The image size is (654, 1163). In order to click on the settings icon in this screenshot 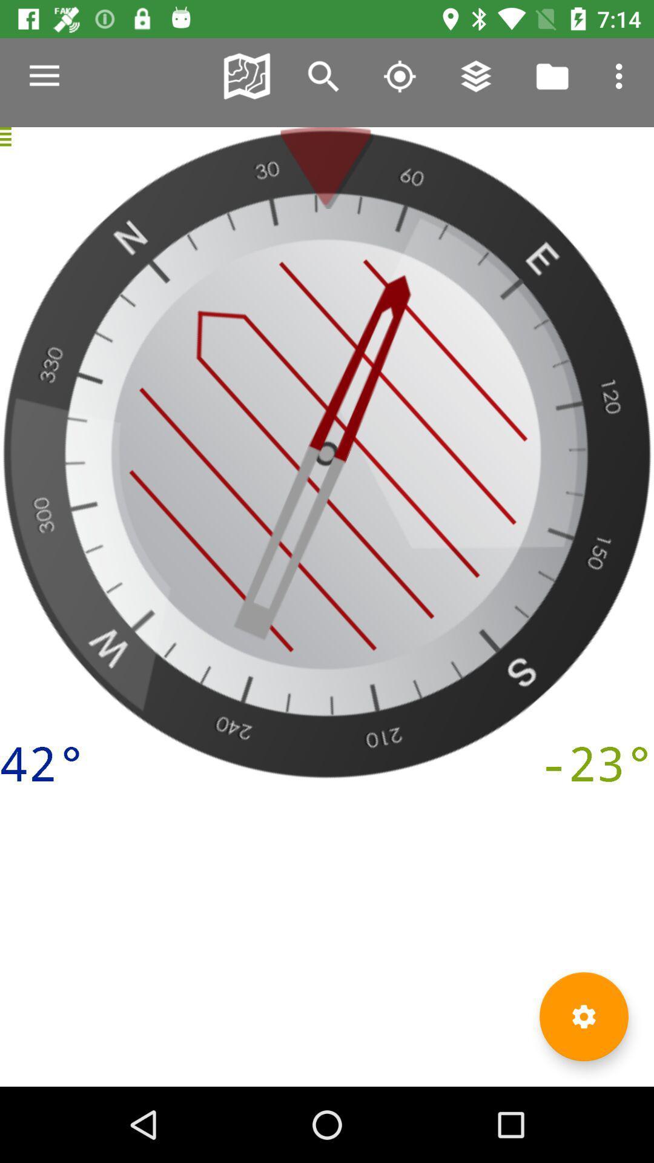, I will do `click(583, 1016)`.